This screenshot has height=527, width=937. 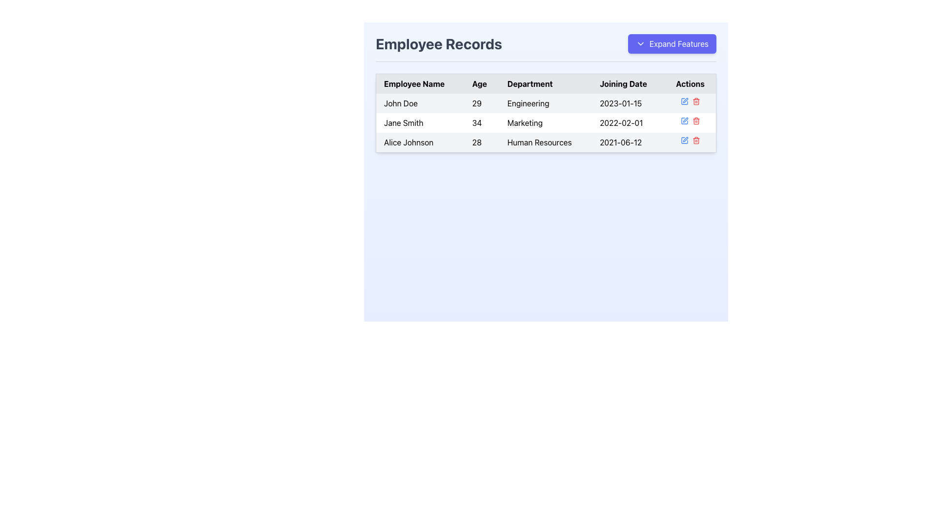 I want to click on the 'Joining Date' text label, which is styled with a black font color and is positioned in the header row of a data table, specifically as the fourth header between 'Department' and 'Actions', so click(x=628, y=83).